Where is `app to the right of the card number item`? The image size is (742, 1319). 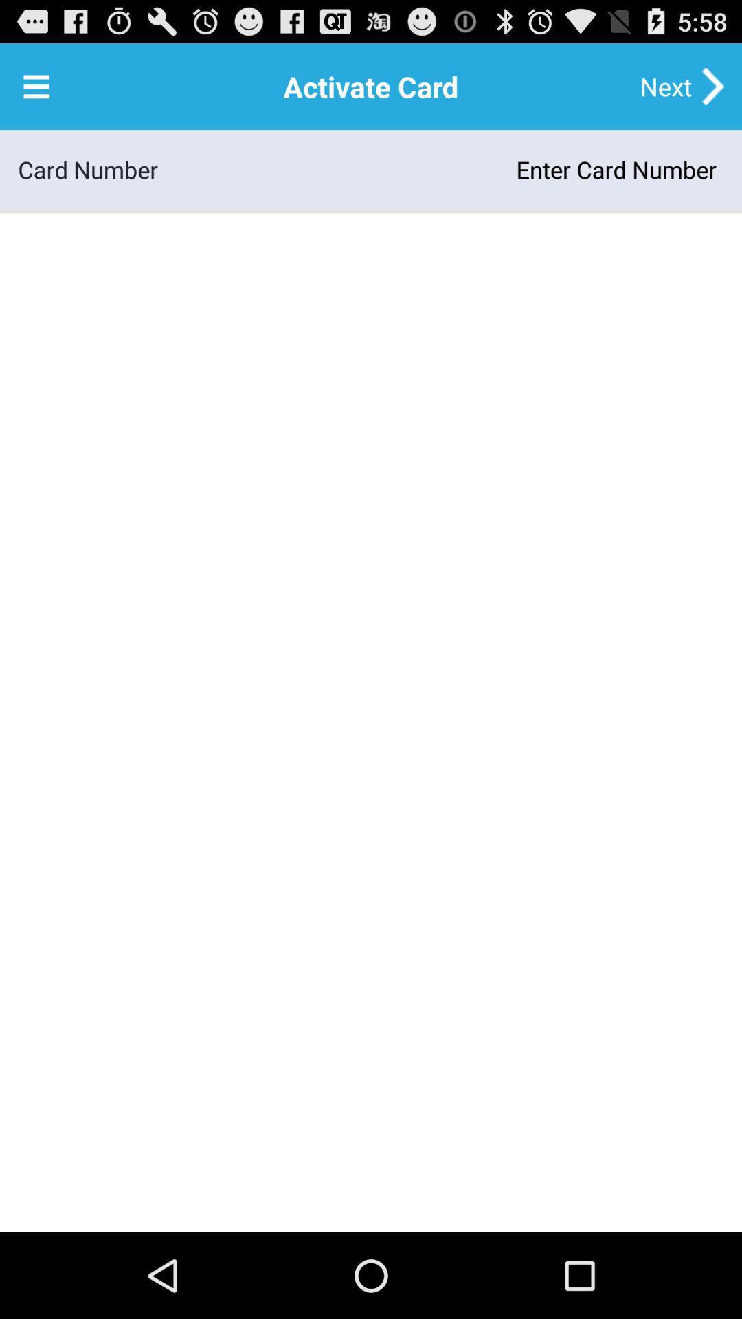 app to the right of the card number item is located at coordinates (440, 168).